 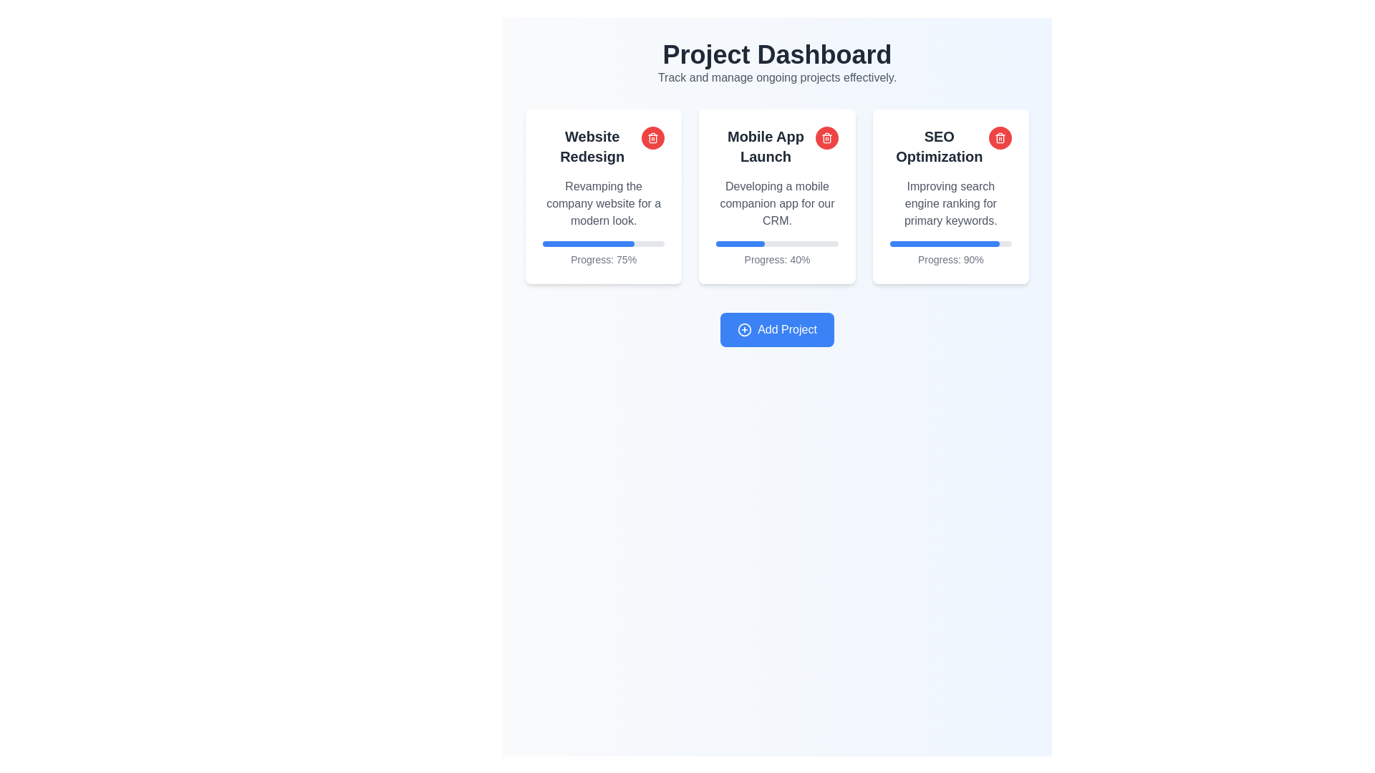 I want to click on the Text Block that contains the text 'Revamping the company website for a modern look.', which is styled in a subtle gray font and is located below the heading 'Website Redesign', so click(x=604, y=204).